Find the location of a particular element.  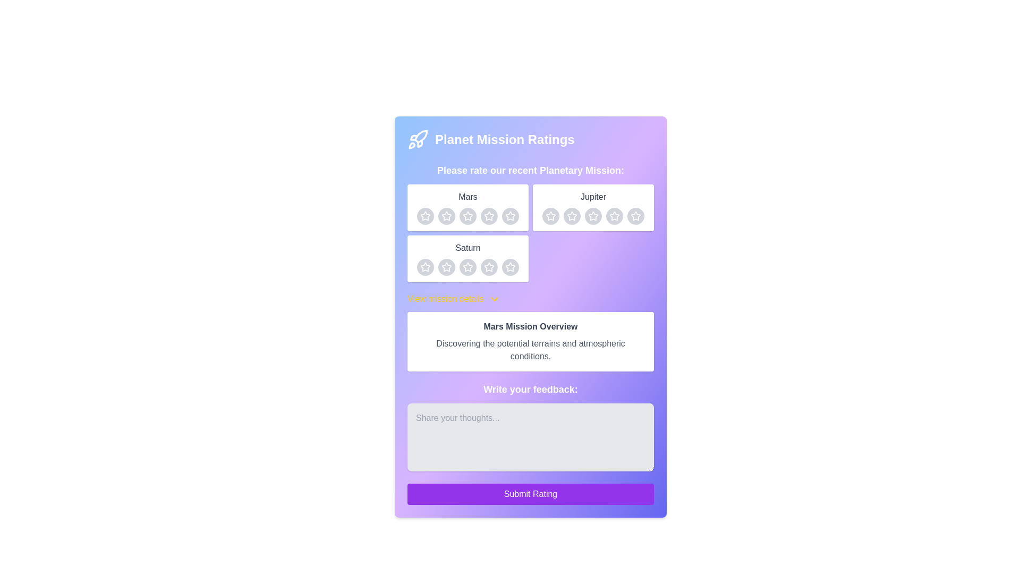

the third circular star button with a gray background and a white hollow star icon under the heading 'Saturn' is located at coordinates (467, 266).